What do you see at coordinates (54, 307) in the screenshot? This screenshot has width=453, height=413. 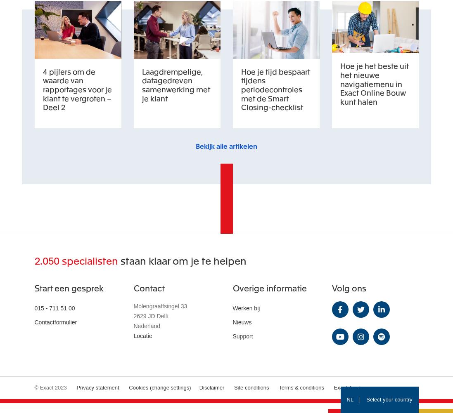 I see `'015 - 711 51 00'` at bounding box center [54, 307].